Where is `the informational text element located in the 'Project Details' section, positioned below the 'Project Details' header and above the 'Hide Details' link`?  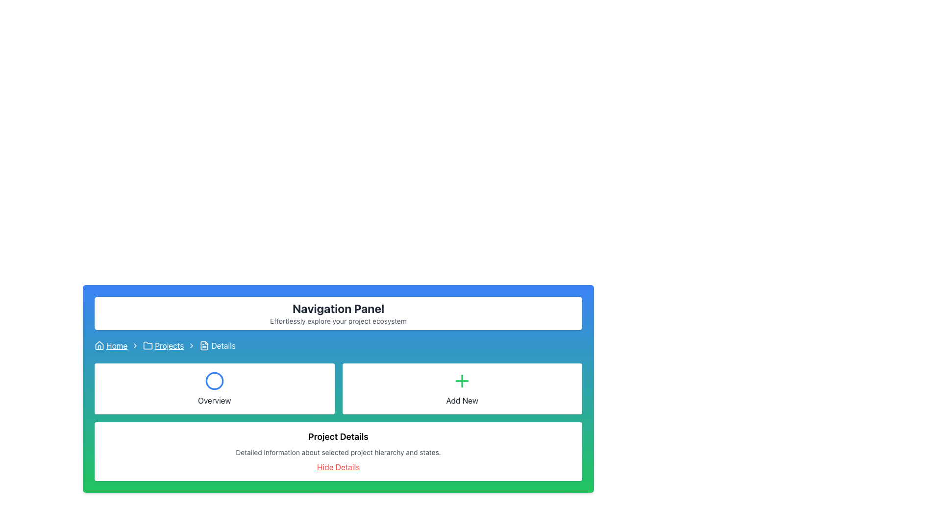
the informational text element located in the 'Project Details' section, positioned below the 'Project Details' header and above the 'Hide Details' link is located at coordinates (338, 453).